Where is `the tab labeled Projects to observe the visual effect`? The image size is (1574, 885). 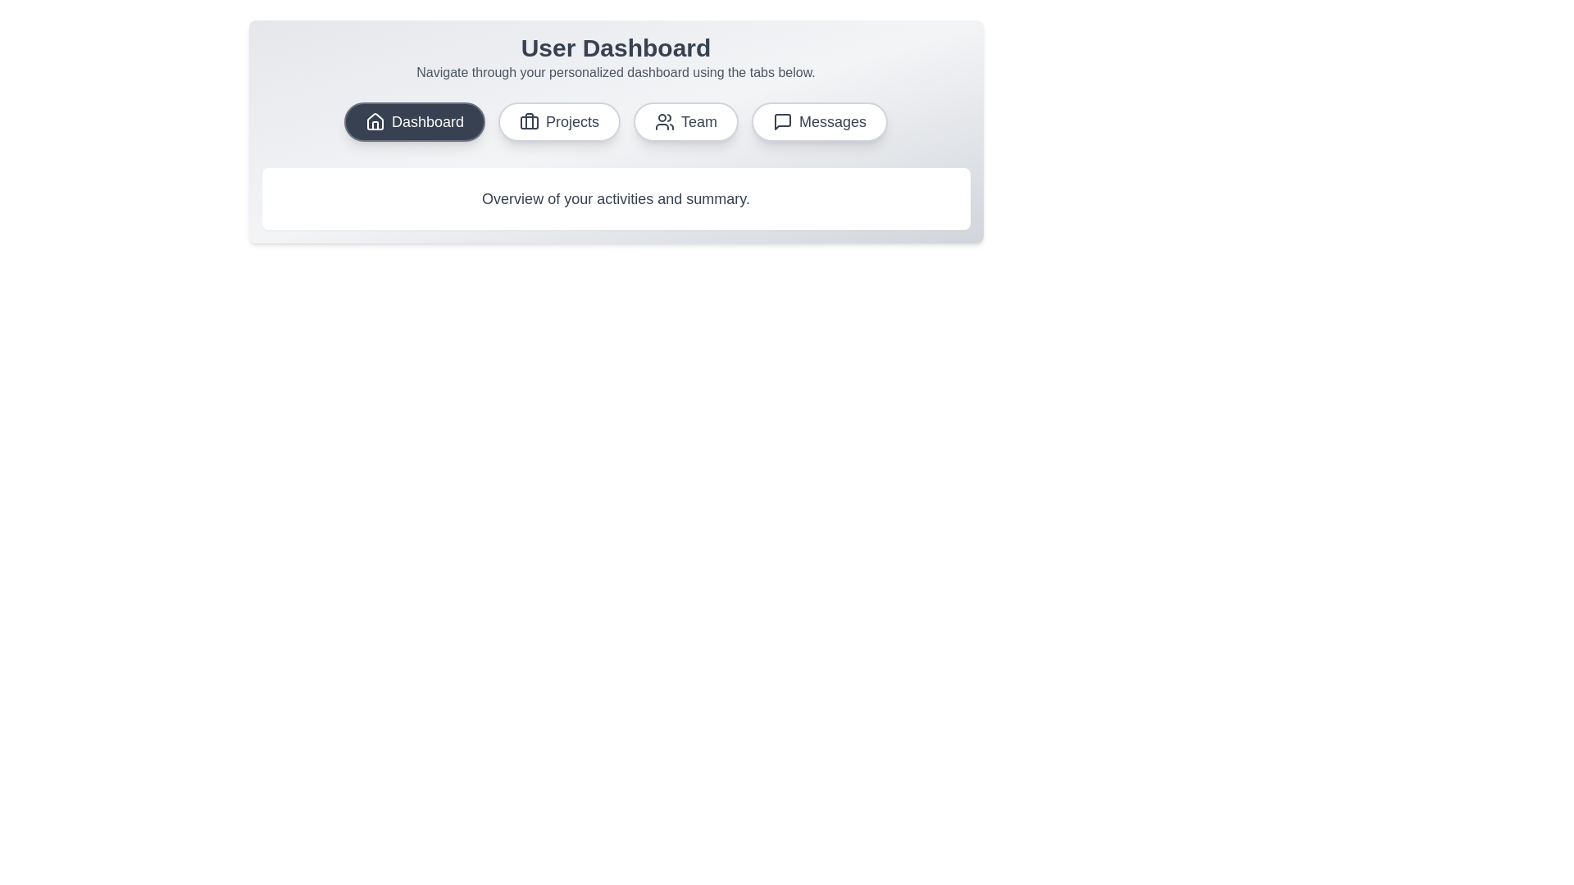 the tab labeled Projects to observe the visual effect is located at coordinates (559, 121).